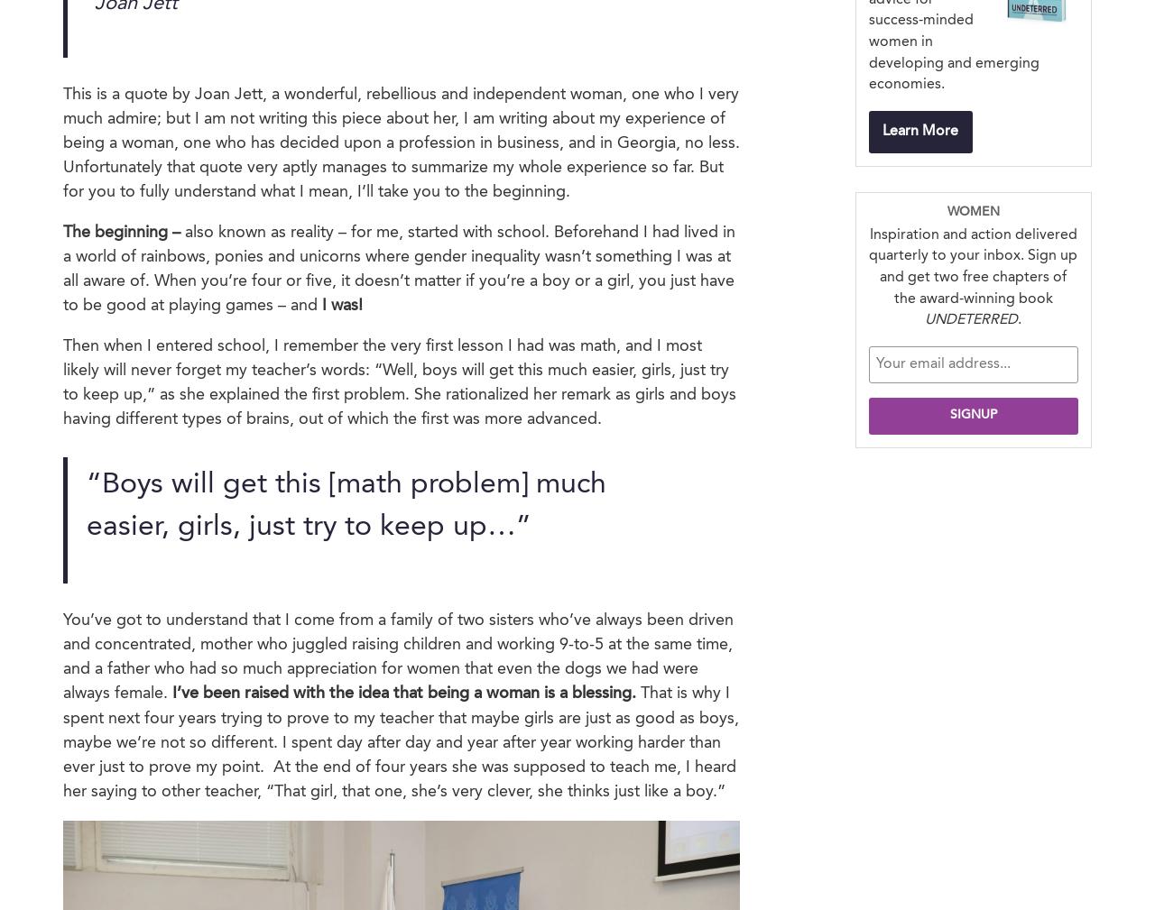  What do you see at coordinates (399, 381) in the screenshot?
I see `'Then when I entered school, I remember the very first lesson I had was math, and I most likely will never forget my teacher’s words: “Well, boys will get this much easier, girls, just try to keep up,” as she explained the first problem. She rationalized her remark as girls and boys having different types of brains, out of which the first was more advanced.'` at bounding box center [399, 381].